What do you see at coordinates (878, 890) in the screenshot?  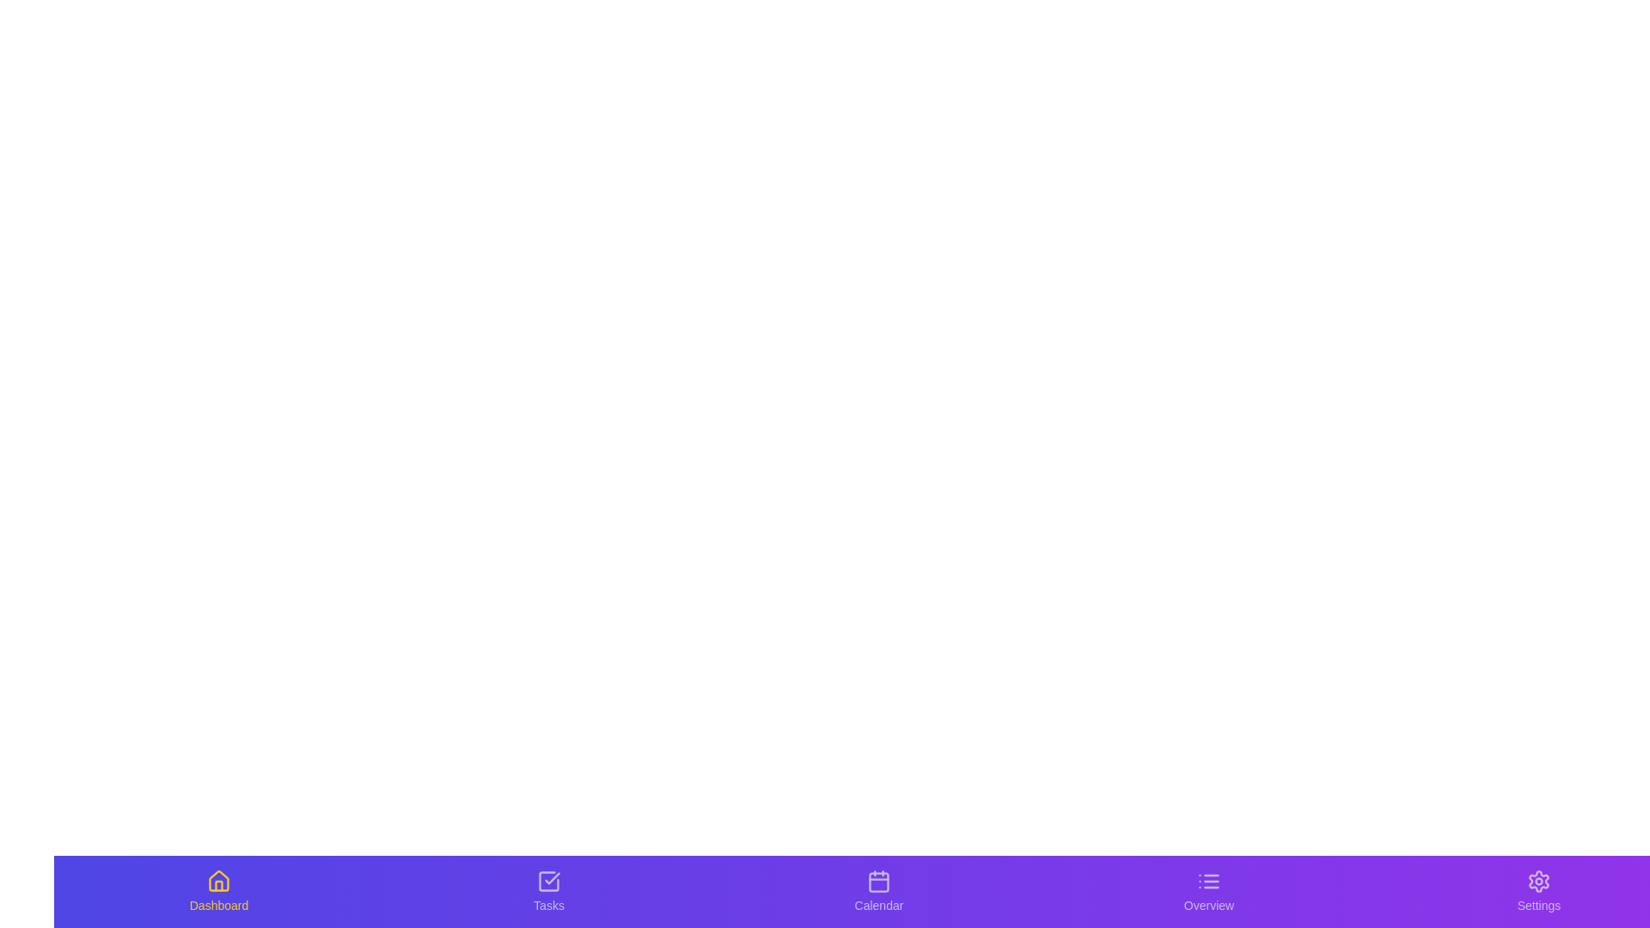 I see `the tab labeled Calendar` at bounding box center [878, 890].